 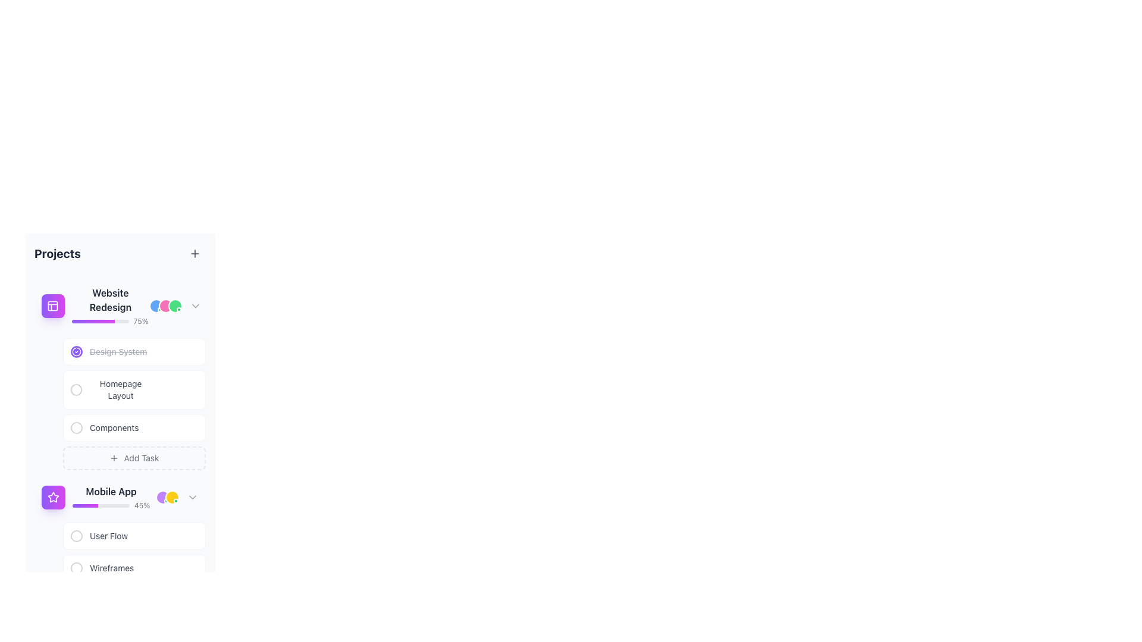 What do you see at coordinates (120, 373) in the screenshot?
I see `the List item titled 'Homepage Layout' under the section 'Website Redesign' to get more information` at bounding box center [120, 373].